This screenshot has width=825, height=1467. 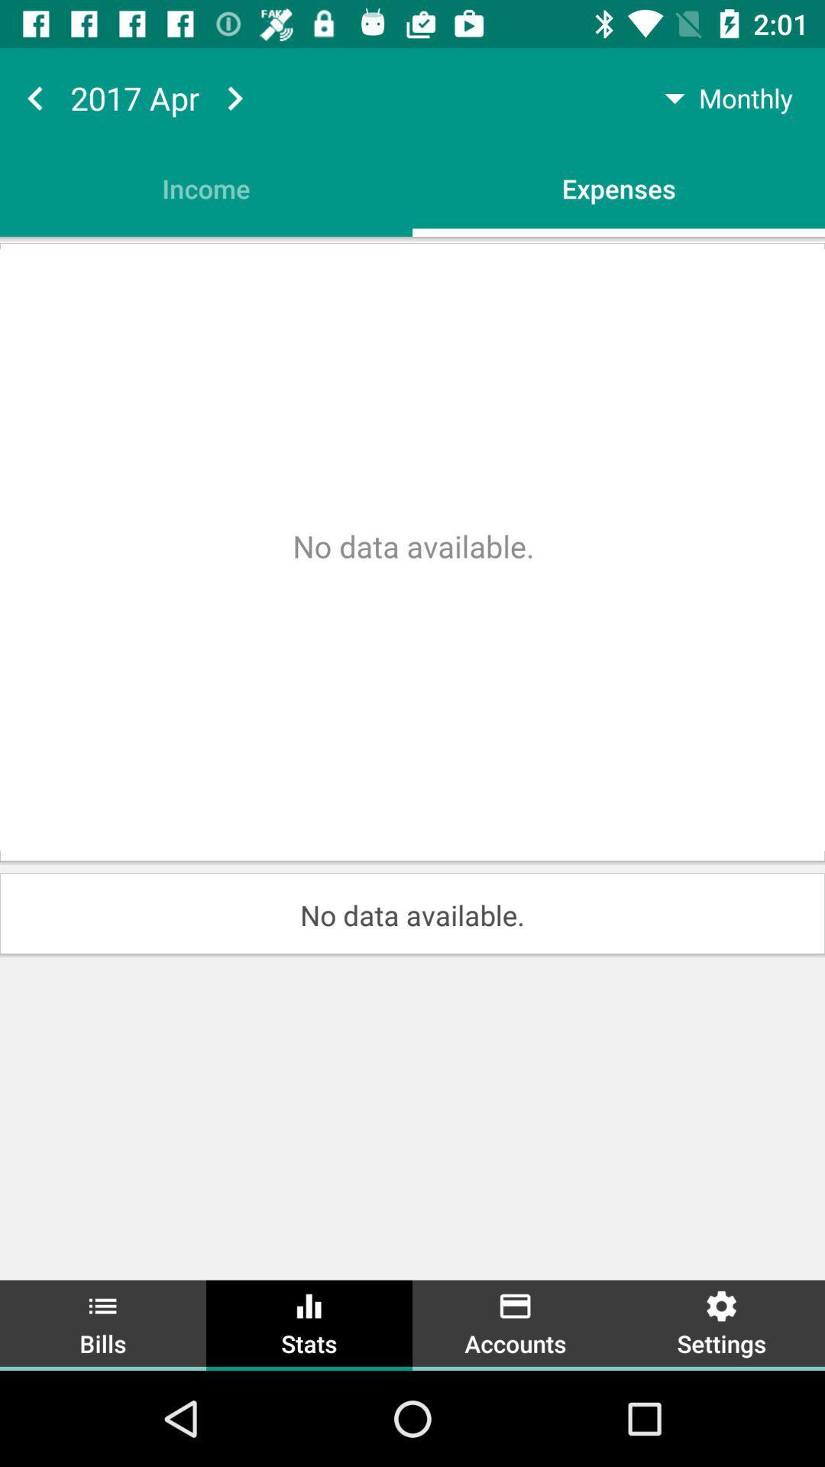 I want to click on next, so click(x=235, y=97).